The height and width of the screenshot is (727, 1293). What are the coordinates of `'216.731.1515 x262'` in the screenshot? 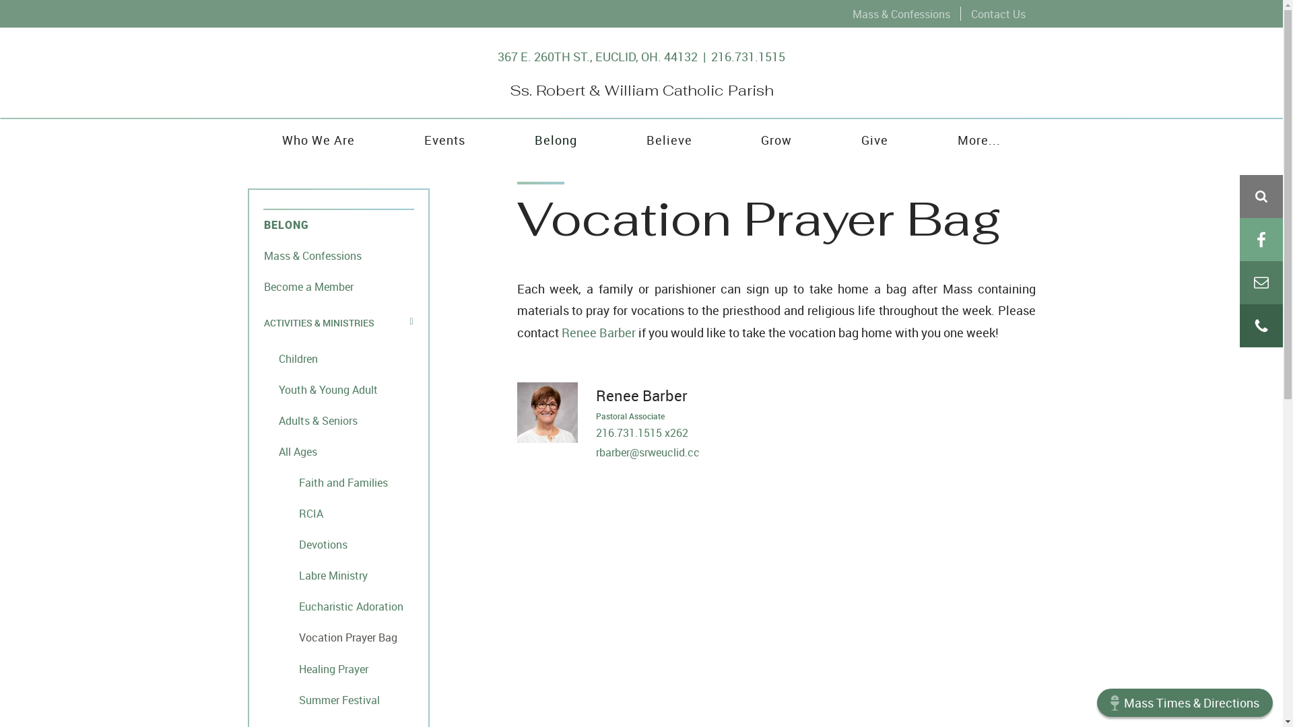 It's located at (640, 433).